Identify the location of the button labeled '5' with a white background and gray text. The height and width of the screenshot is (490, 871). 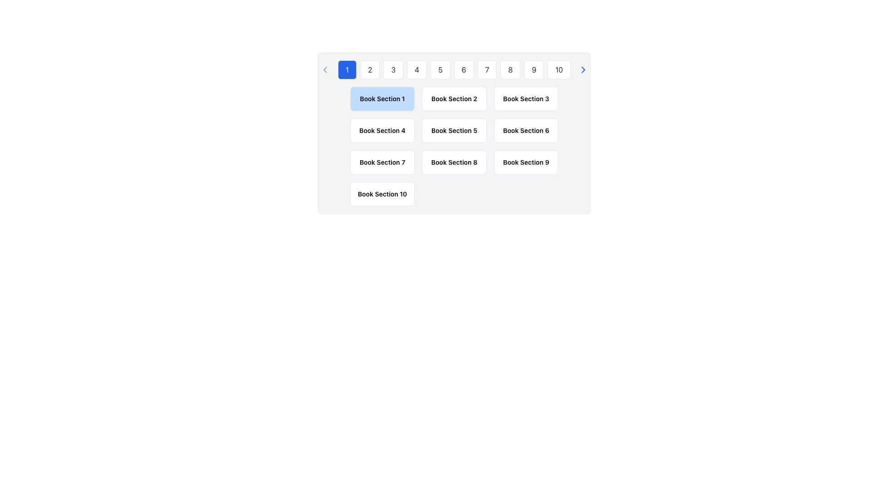
(440, 69).